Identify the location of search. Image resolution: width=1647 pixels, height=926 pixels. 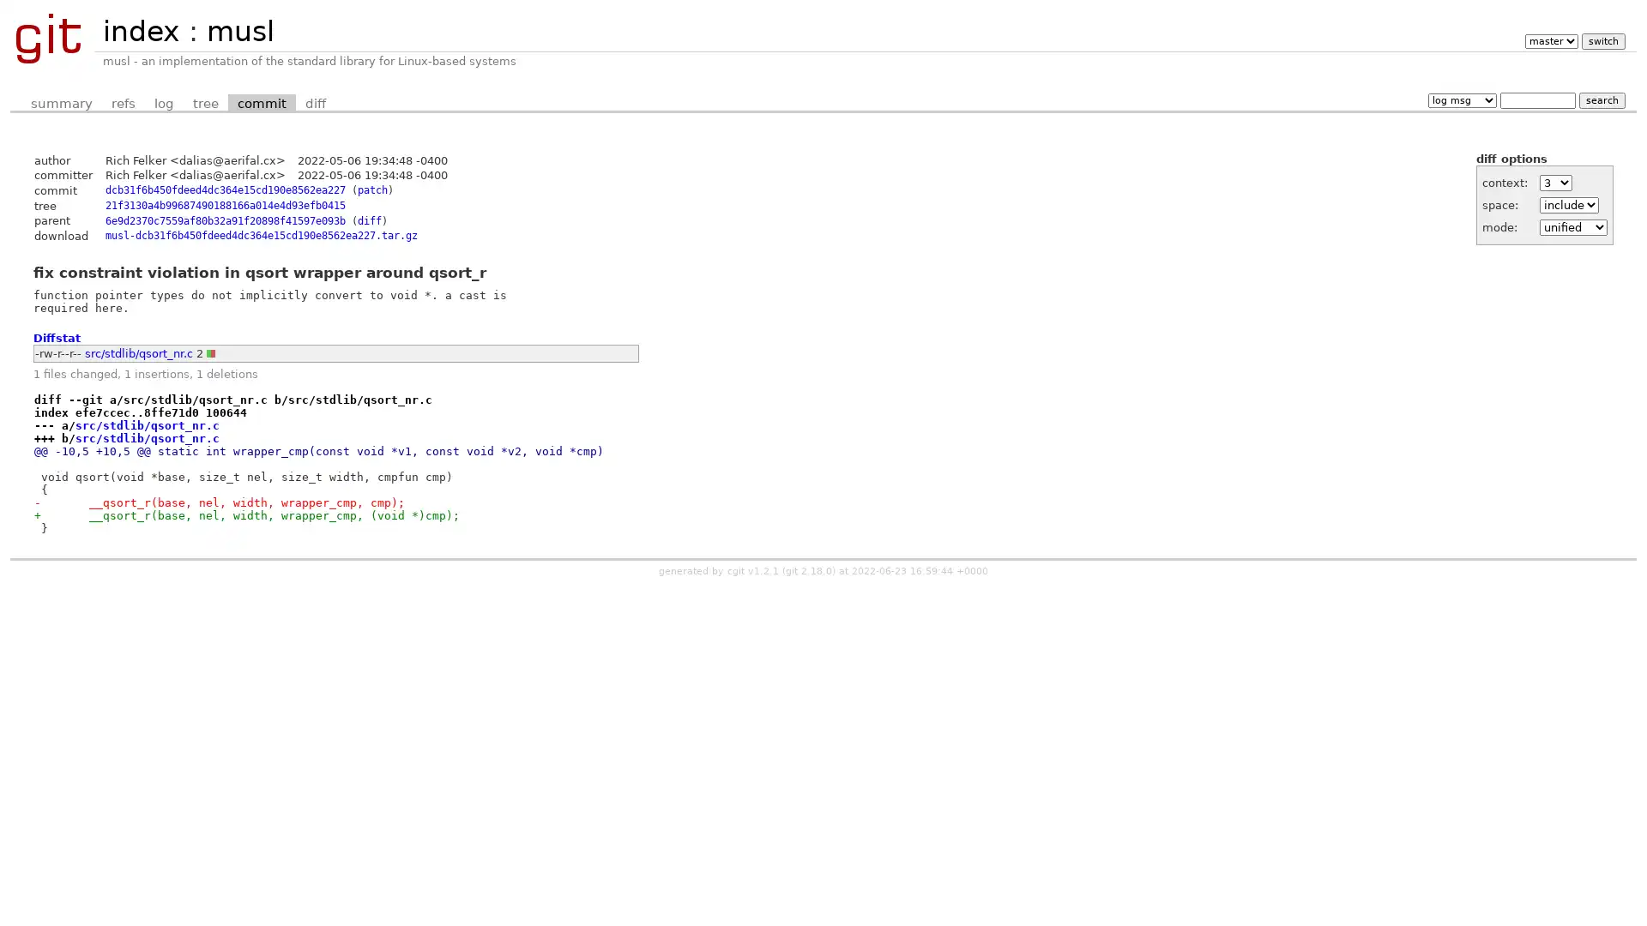
(1601, 99).